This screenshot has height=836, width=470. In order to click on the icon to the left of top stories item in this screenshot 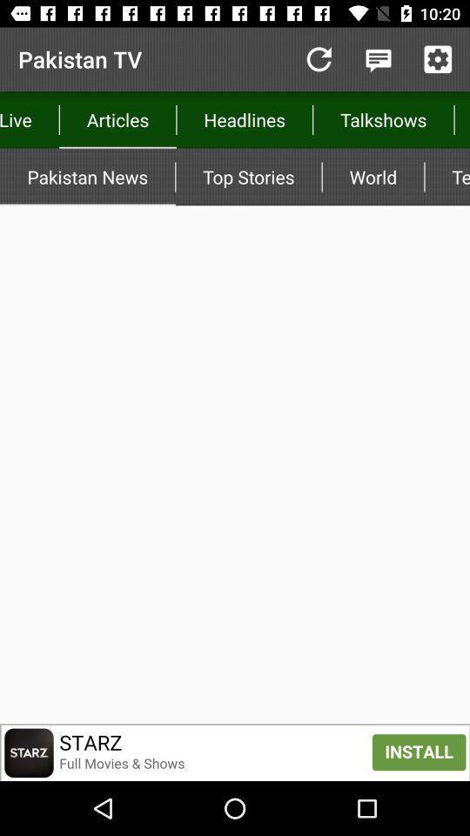, I will do `click(117, 118)`.